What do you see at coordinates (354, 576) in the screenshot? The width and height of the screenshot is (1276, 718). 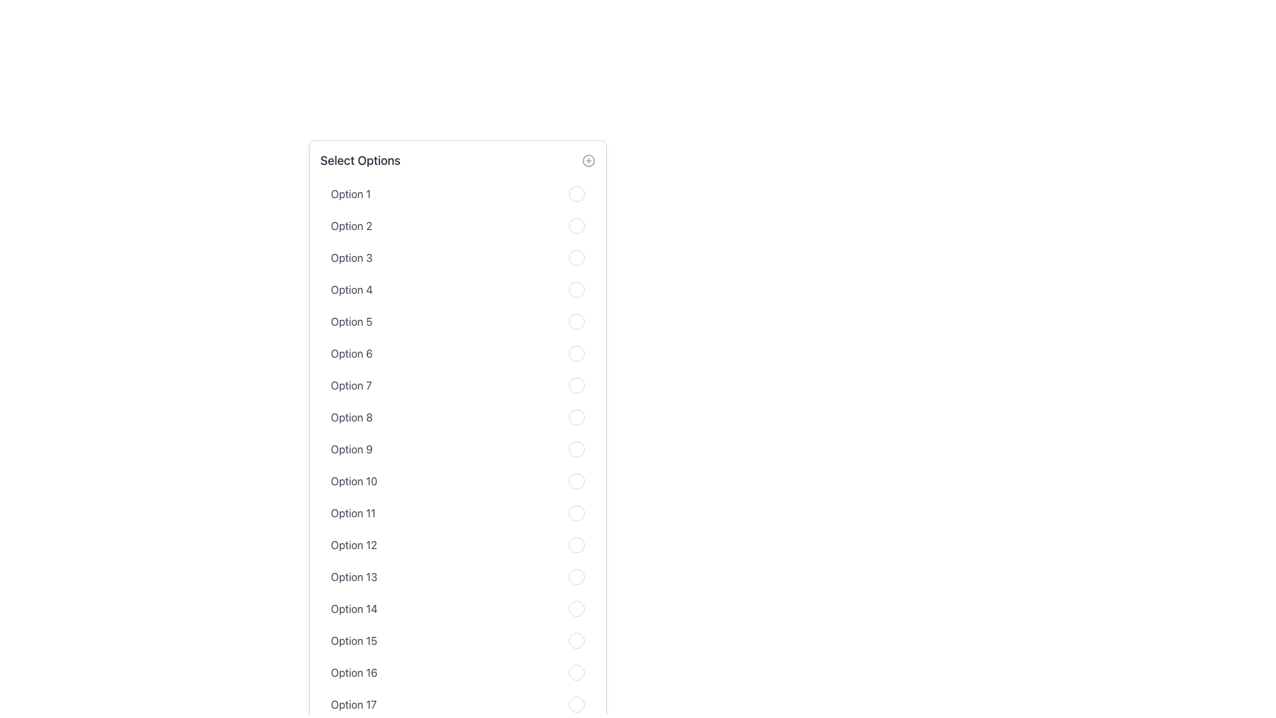 I see `the text label 'Option 13' which describes the corresponding selectable option in the list under 'Select Options'` at bounding box center [354, 576].